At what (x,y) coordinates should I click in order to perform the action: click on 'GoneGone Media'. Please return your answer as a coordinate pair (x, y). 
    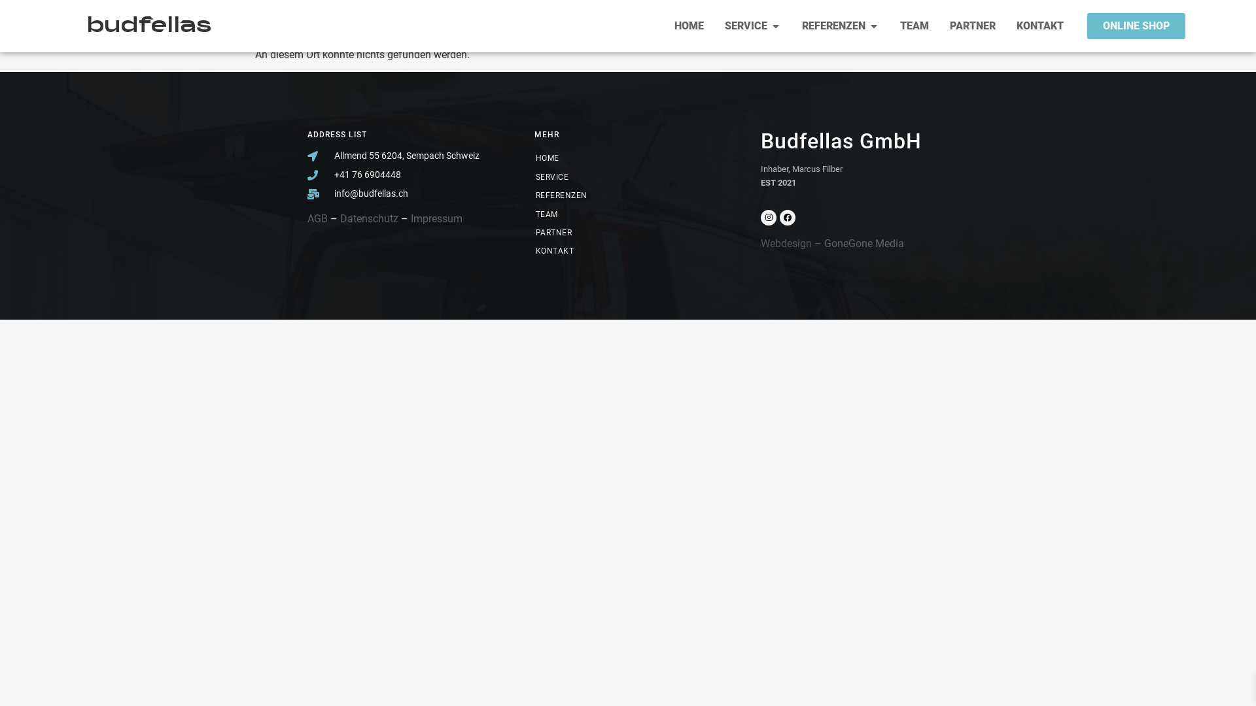
    Looking at the image, I should click on (863, 243).